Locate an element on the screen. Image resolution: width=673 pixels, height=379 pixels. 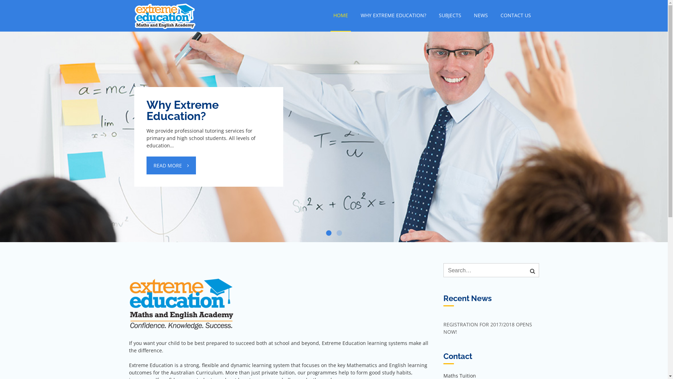
'WHY EXTREME EDUCATION?' is located at coordinates (393, 15).